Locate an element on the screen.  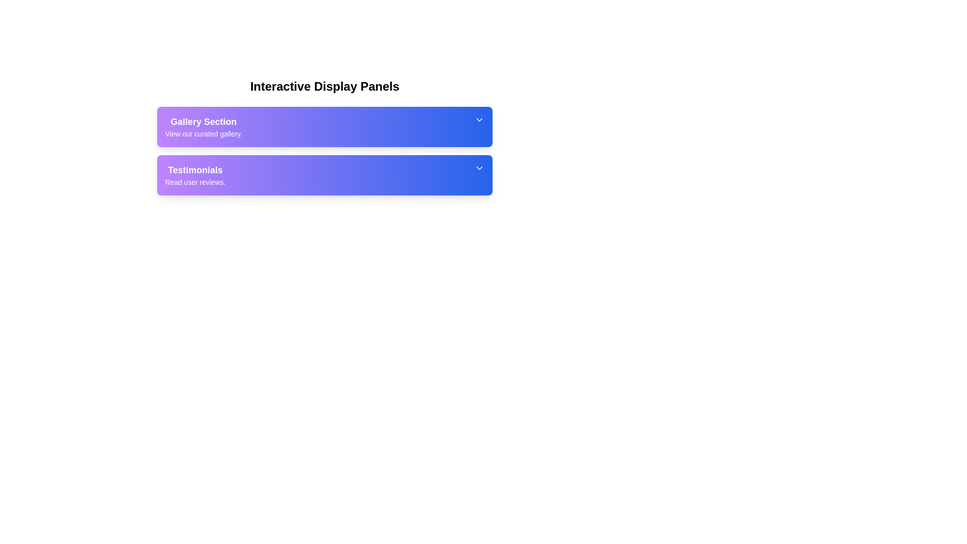
the main title text block, which serves as the heading for the section above the 'Gallery Section' and 'Testimonials' elements is located at coordinates (324, 86).